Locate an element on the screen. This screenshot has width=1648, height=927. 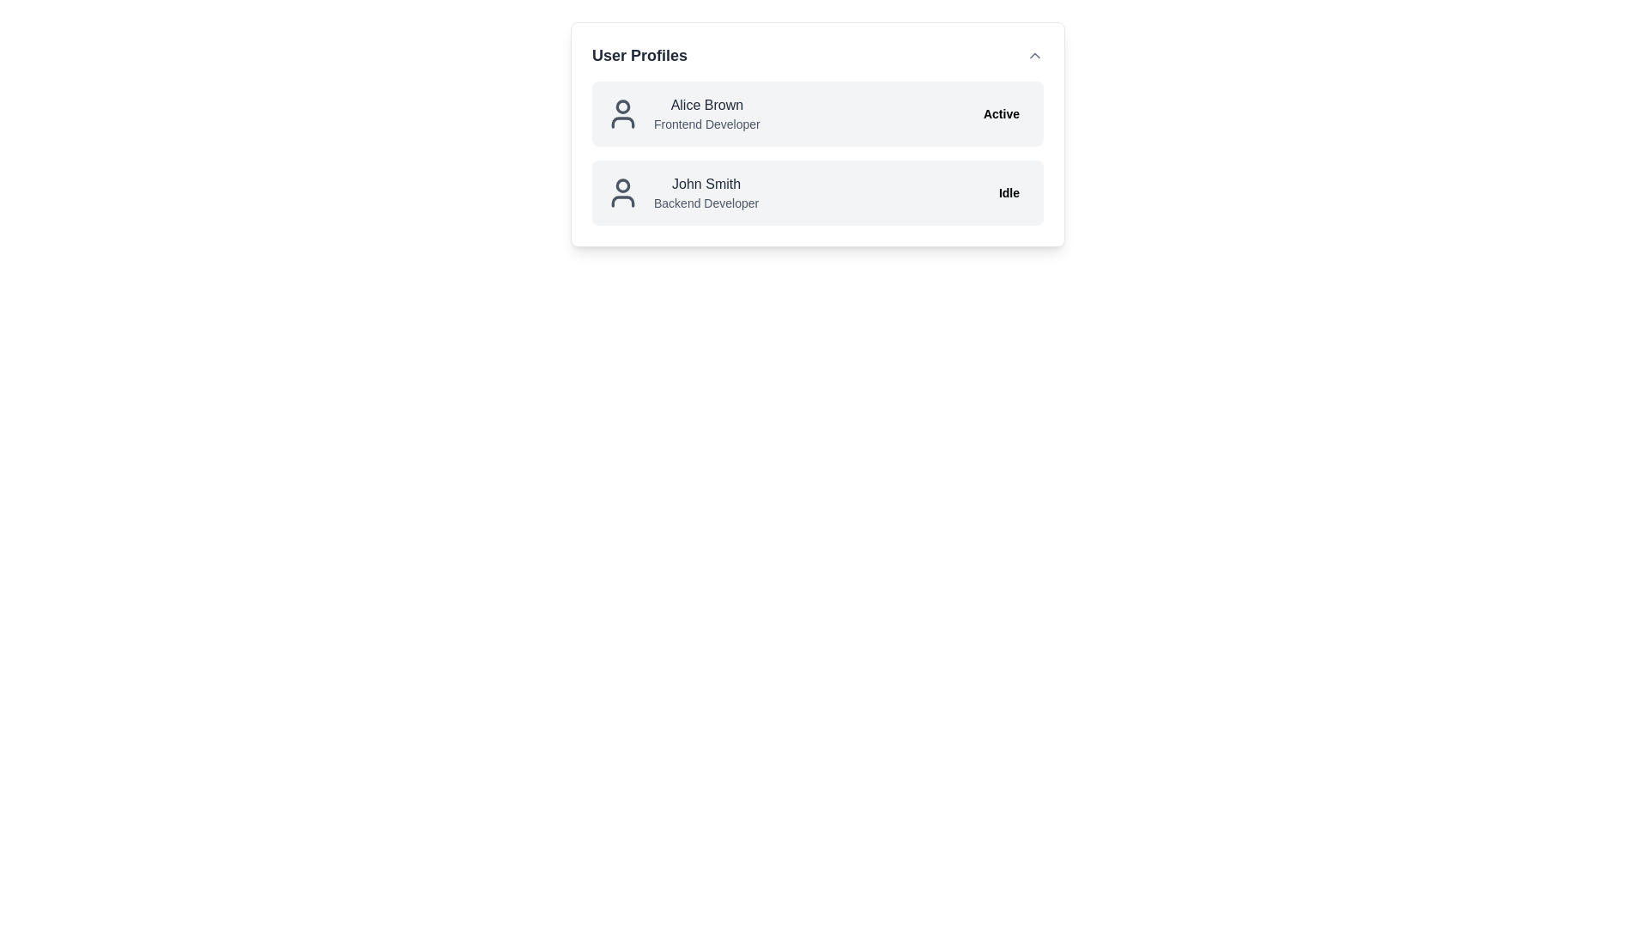
the user profile icon representing 'John Smith' located at the top-left corner of the entry, directly left of the text 'John Smith Backend Developer.' is located at coordinates (621, 192).